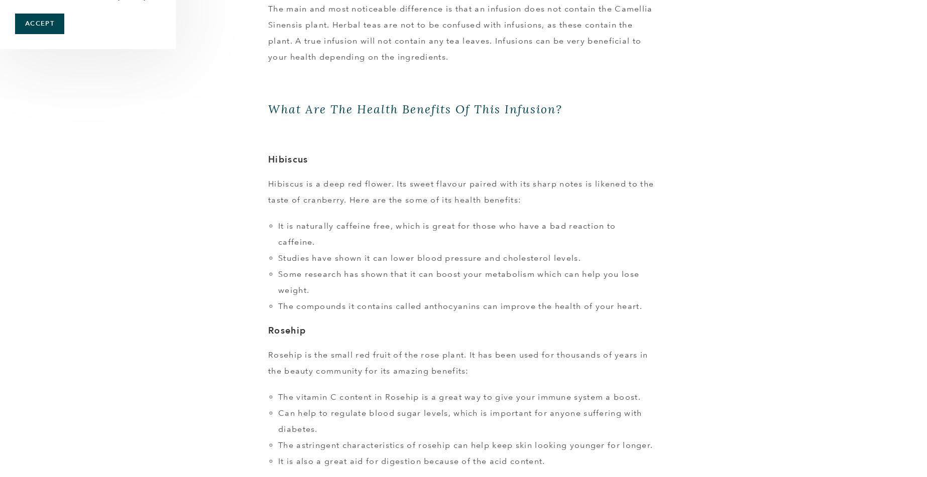 The width and height of the screenshot is (927, 477). I want to click on 'Rosehip', so click(286, 330).